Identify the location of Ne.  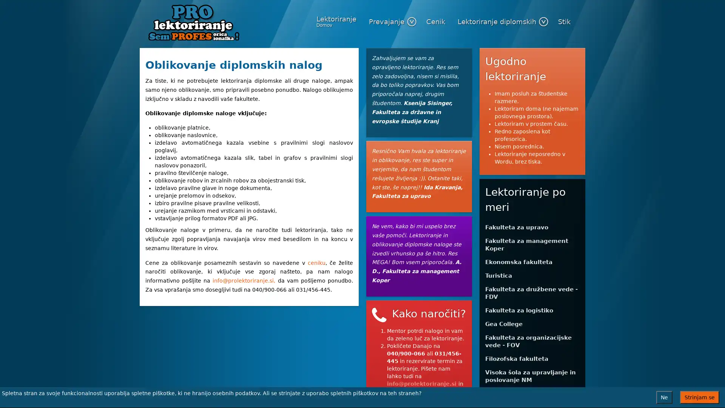
(664, 397).